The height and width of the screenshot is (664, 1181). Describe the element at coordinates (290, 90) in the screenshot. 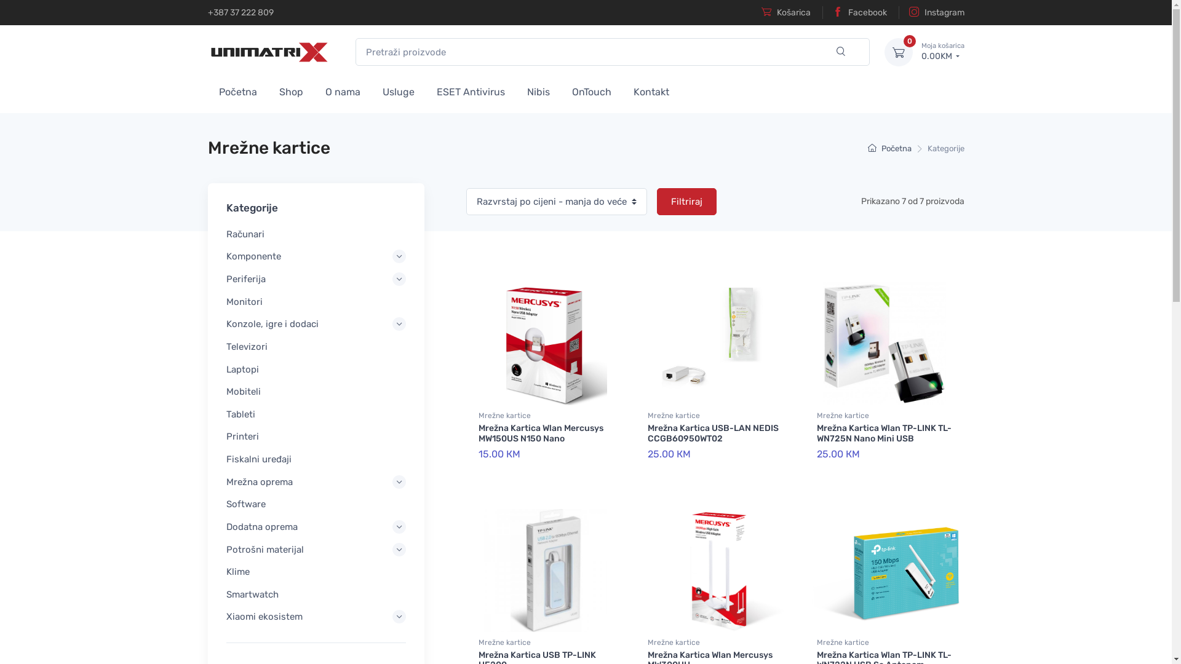

I see `'Shop'` at that location.